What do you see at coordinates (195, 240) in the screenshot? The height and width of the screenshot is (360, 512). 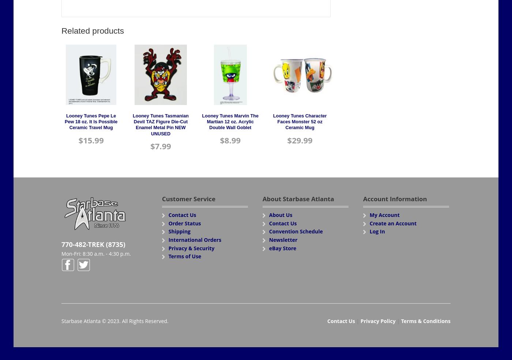 I see `'International Orders'` at bounding box center [195, 240].